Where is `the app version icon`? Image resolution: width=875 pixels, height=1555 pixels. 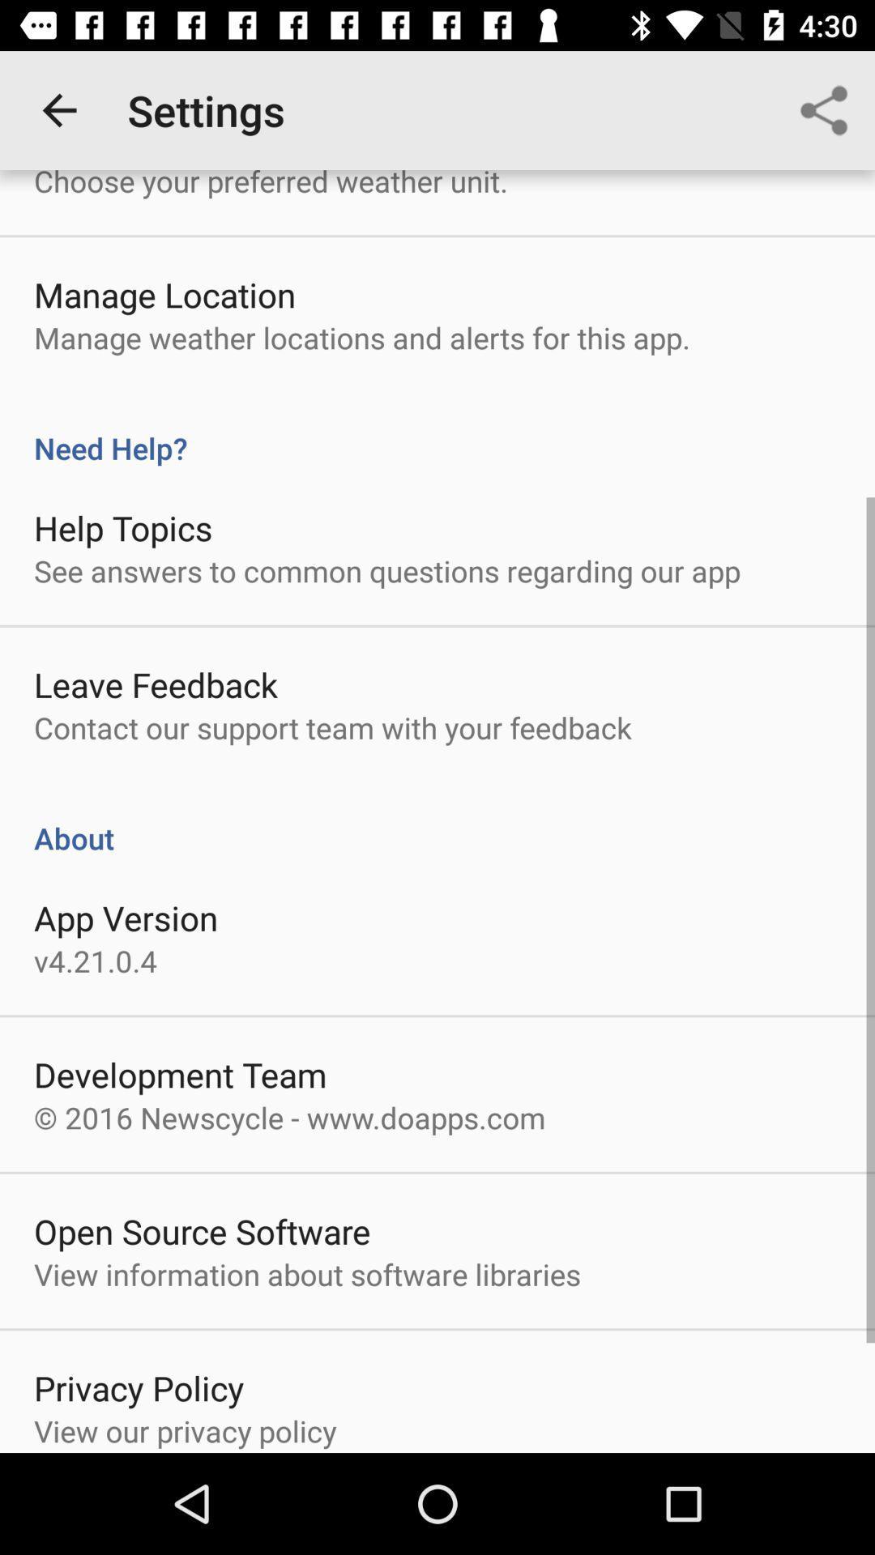 the app version icon is located at coordinates (125, 918).